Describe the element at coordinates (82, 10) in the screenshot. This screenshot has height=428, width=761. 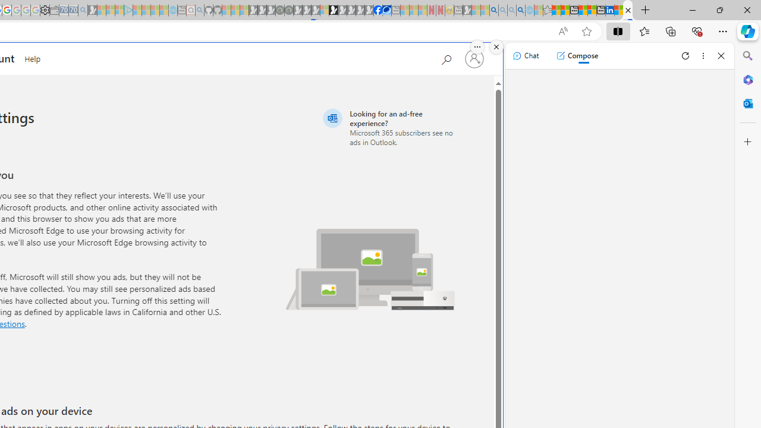
I see `'Bing Real Estate - Home sales and rental listings - Sleeping'` at that location.